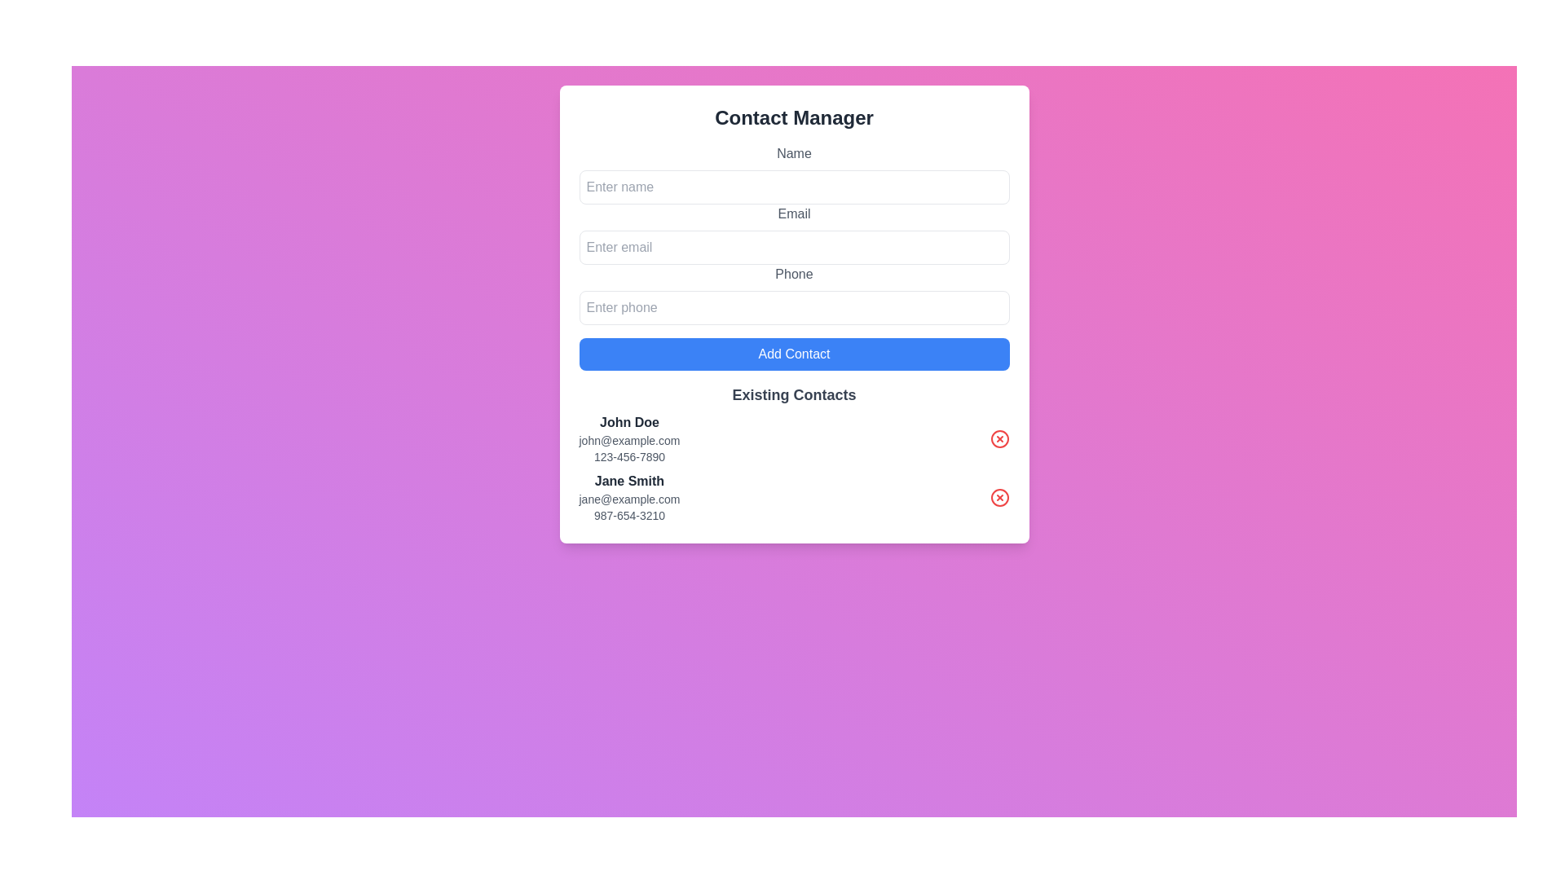 Image resolution: width=1565 pixels, height=880 pixels. Describe the element at coordinates (794, 453) in the screenshot. I see `the contact item in the 'Existing Contacts' section` at that location.